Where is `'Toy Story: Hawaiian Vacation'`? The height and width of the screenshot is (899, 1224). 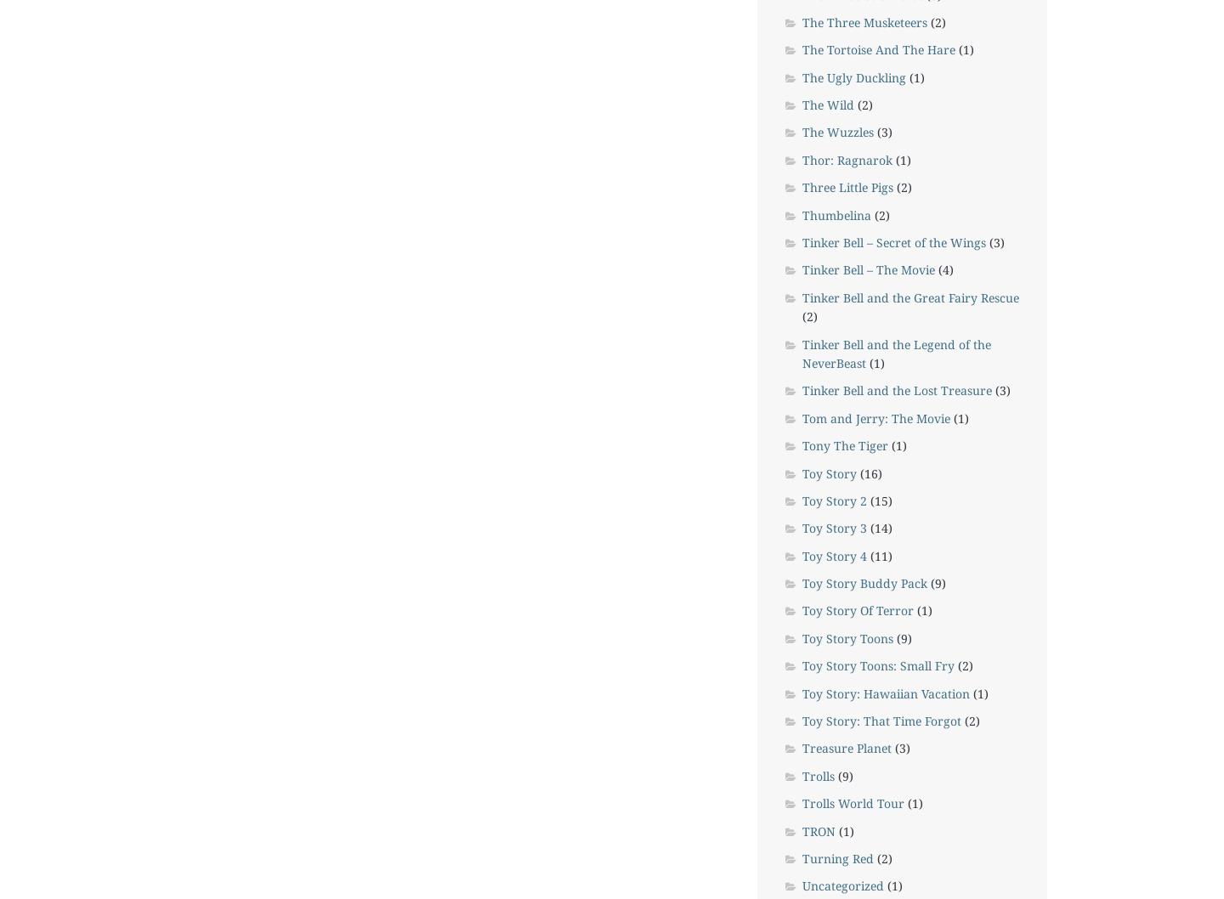
'Toy Story: Hawaiian Vacation' is located at coordinates (802, 692).